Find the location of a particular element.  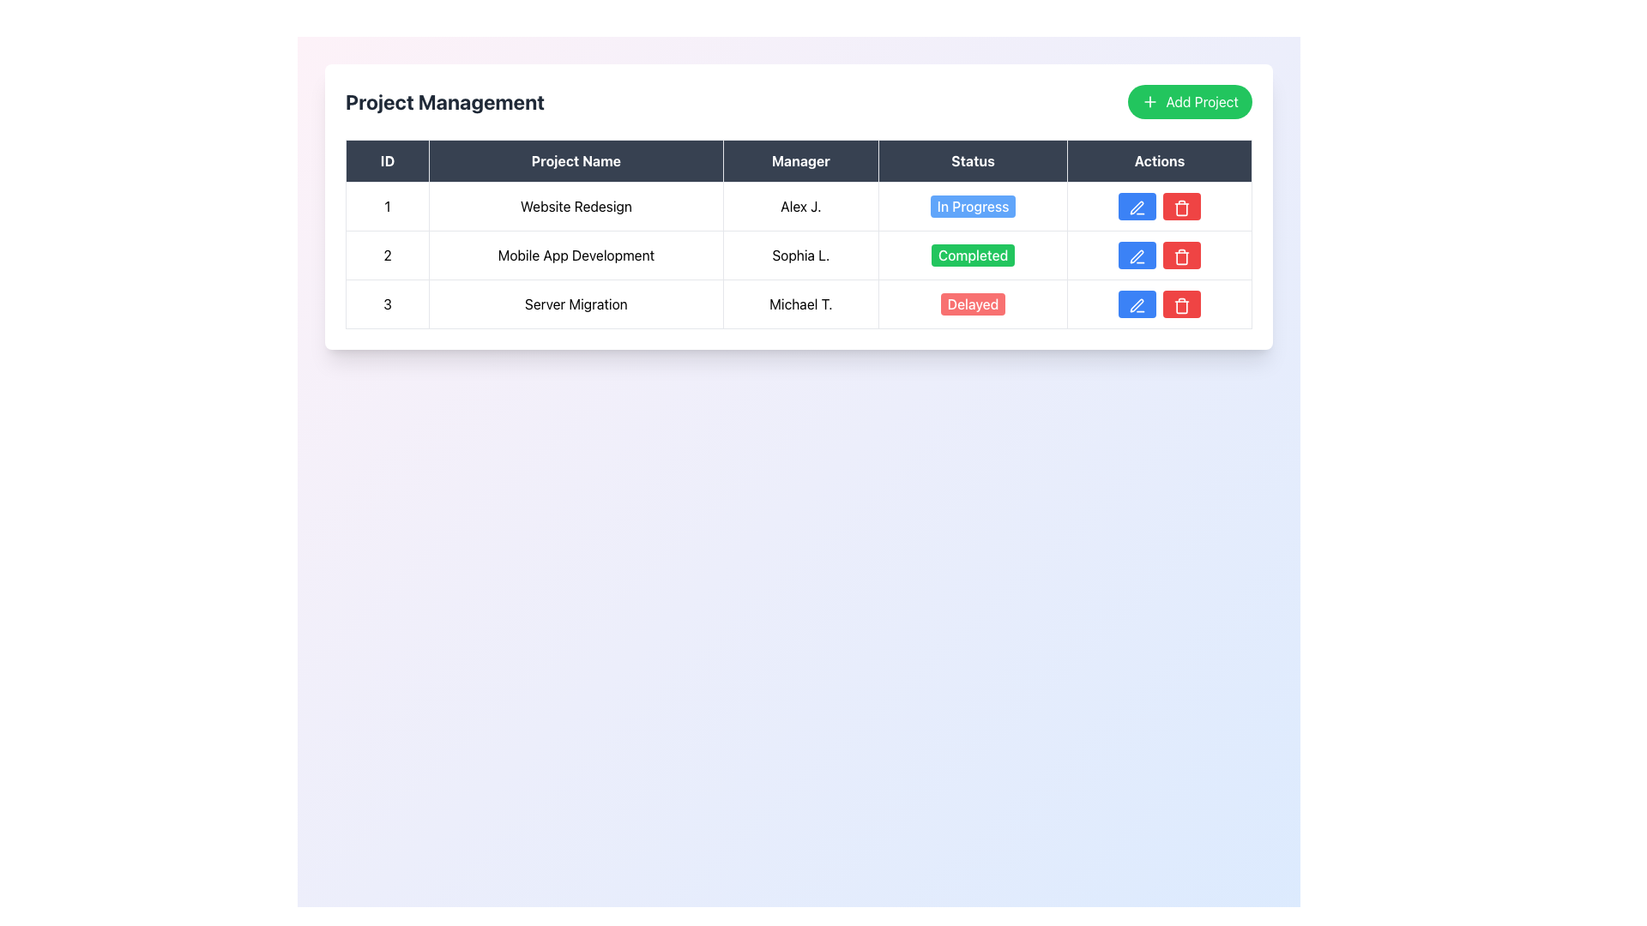

the text label element containing 'Mobile App Development' in the second row of the 'Project Name' column of the table is located at coordinates (576, 255).